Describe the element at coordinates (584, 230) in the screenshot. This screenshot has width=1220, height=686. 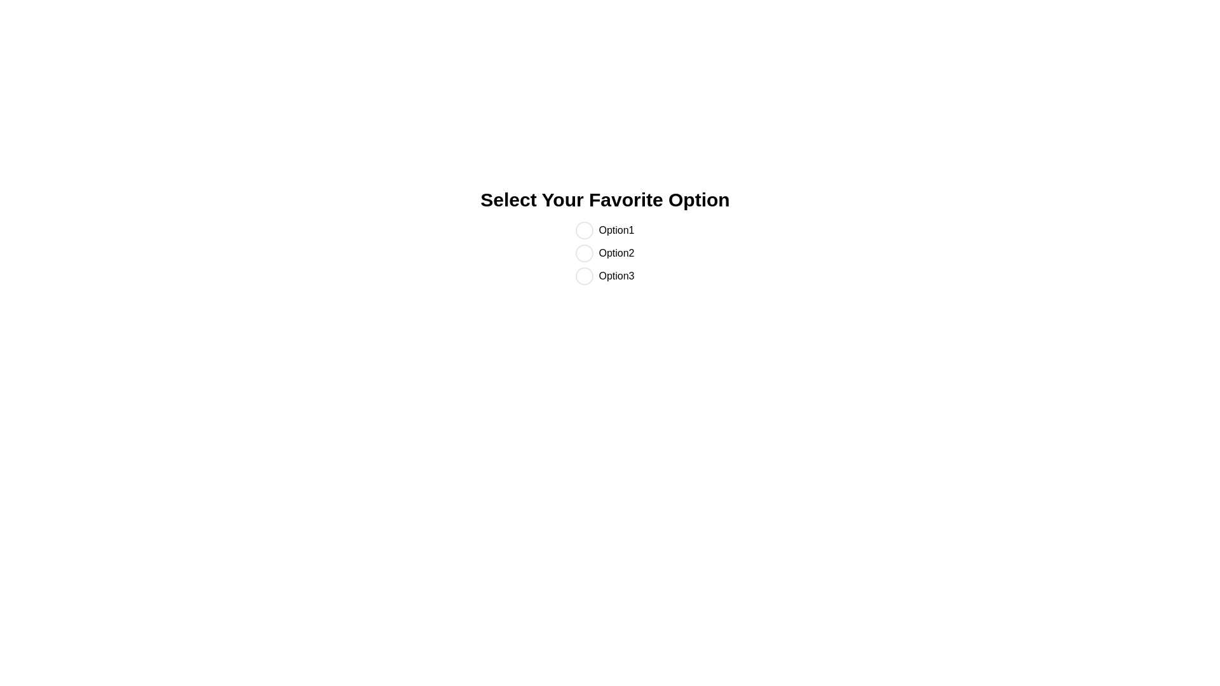
I see `the radio selector indicator for keyboard interaction` at that location.